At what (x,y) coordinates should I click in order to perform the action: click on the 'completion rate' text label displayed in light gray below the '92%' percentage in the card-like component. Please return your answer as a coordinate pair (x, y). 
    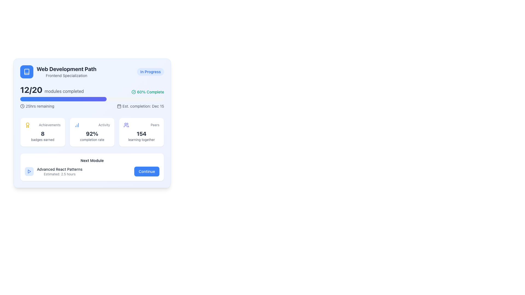
    Looking at the image, I should click on (92, 140).